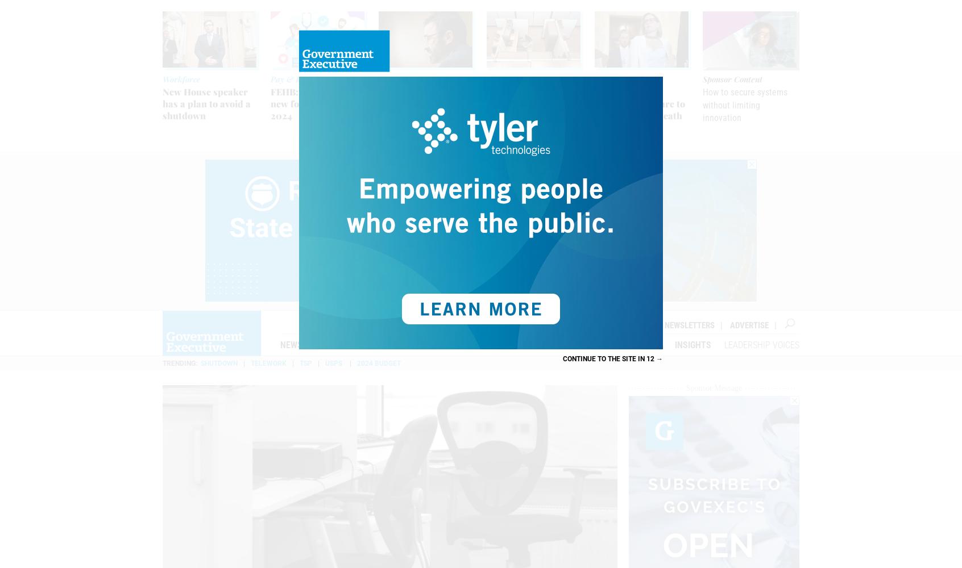 The image size is (962, 568). I want to click on 'Telework', so click(268, 364).